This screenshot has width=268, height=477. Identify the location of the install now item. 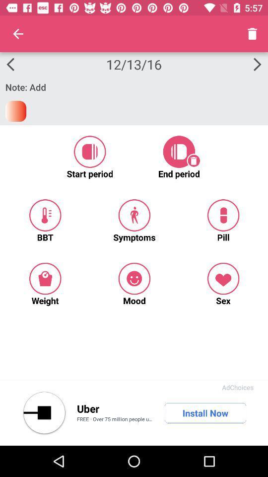
(205, 413).